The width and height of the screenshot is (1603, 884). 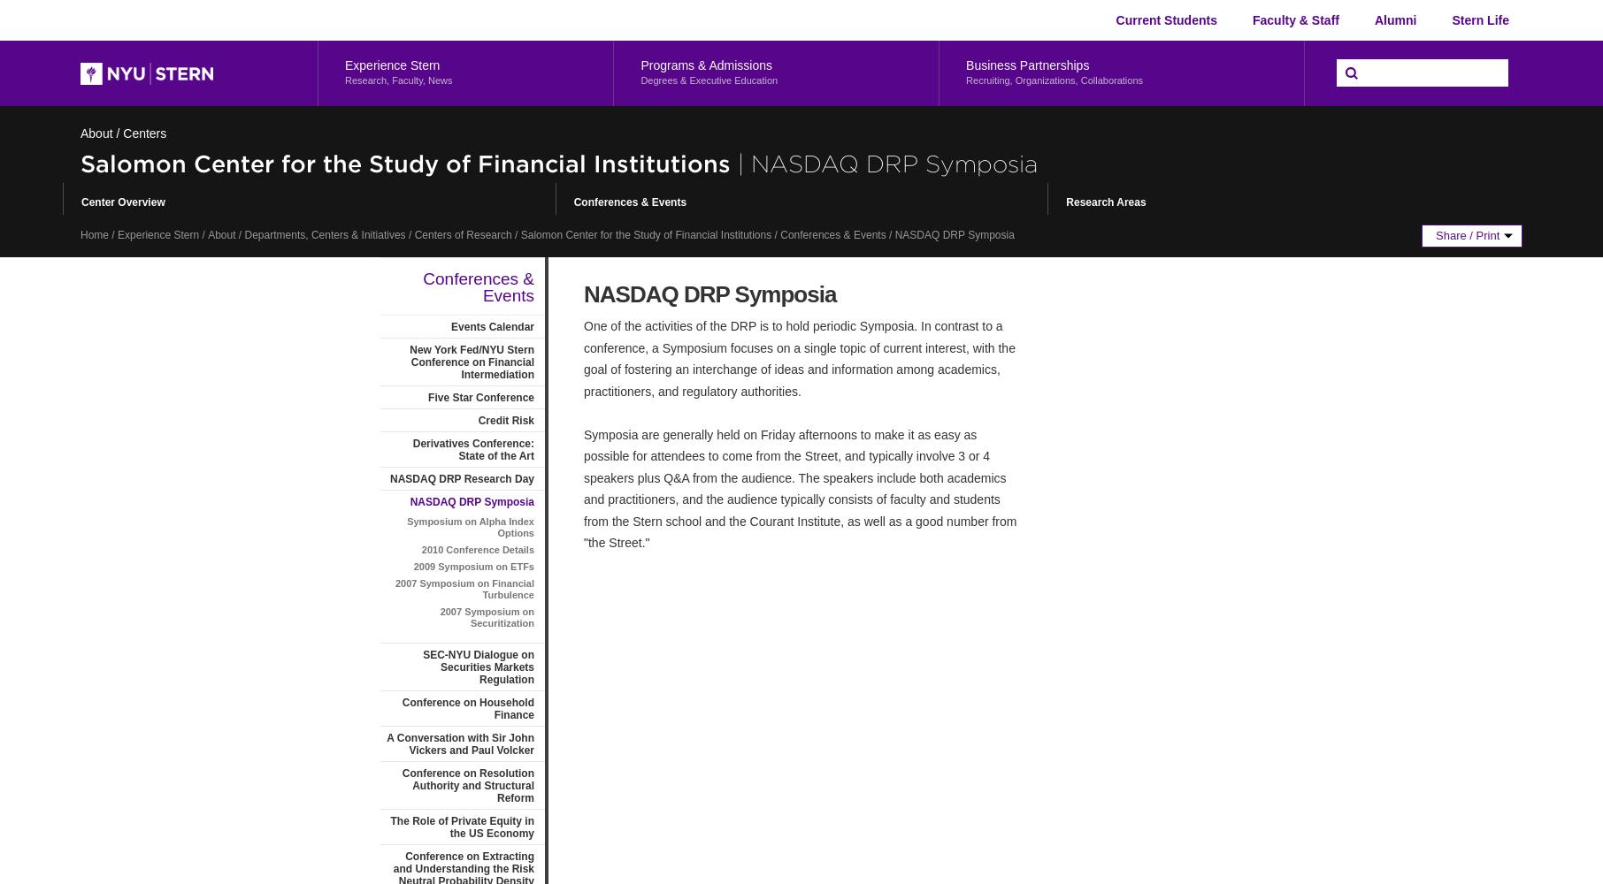 I want to click on '2009 Symposium on ETFs', so click(x=473, y=567).